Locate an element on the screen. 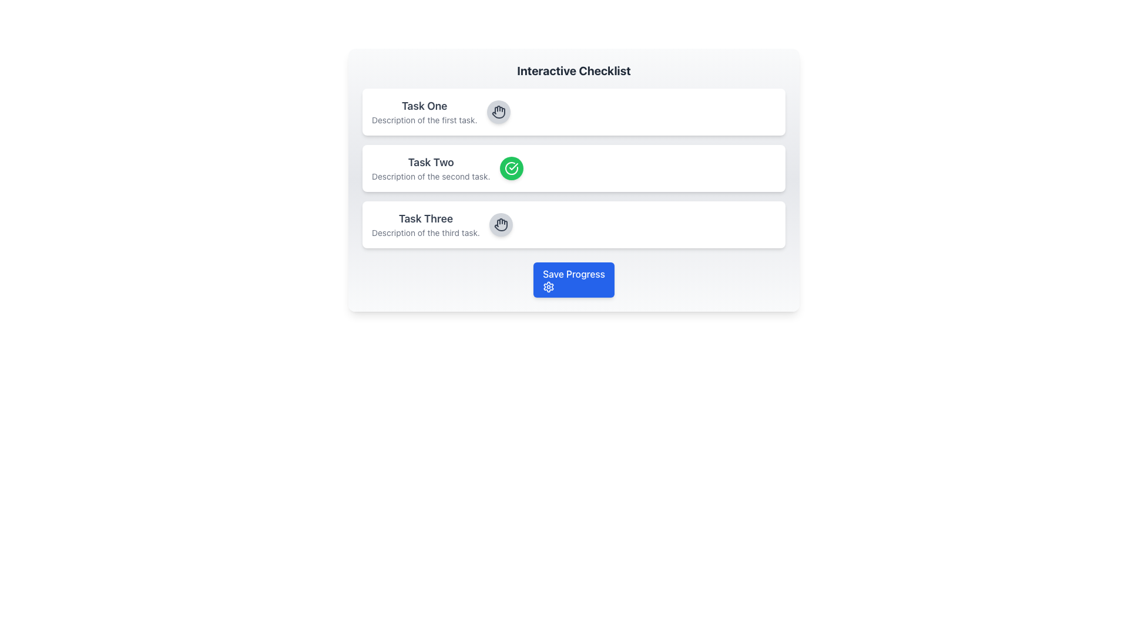 The height and width of the screenshot is (634, 1128). the button is located at coordinates (501, 224).